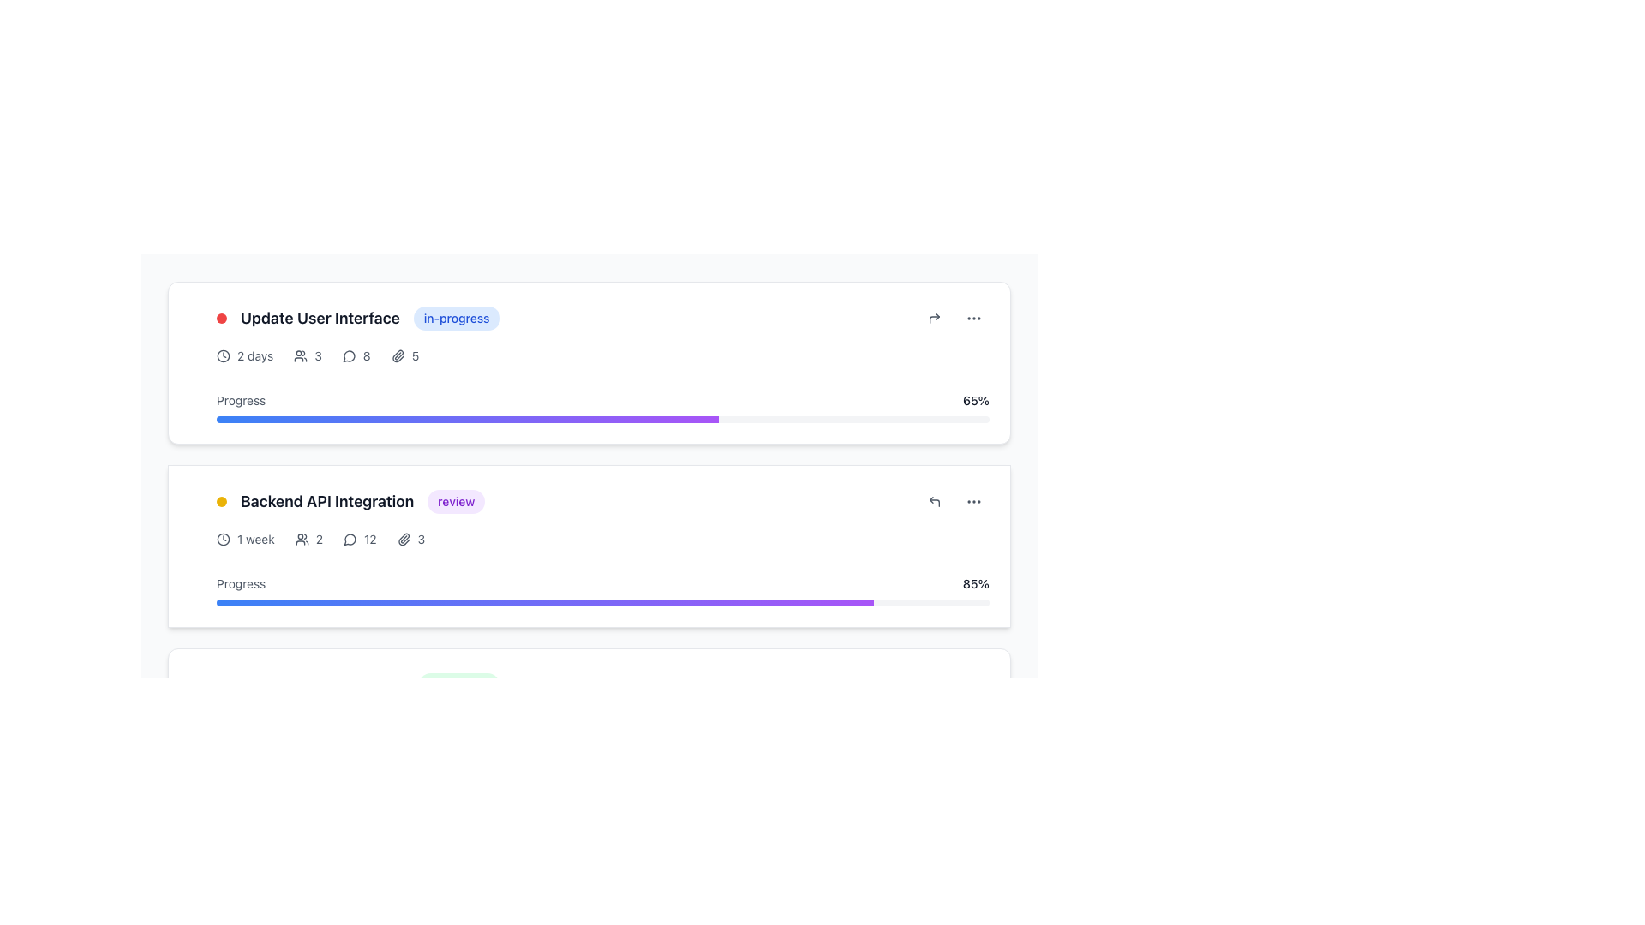  What do you see at coordinates (254, 538) in the screenshot?
I see `the text label that conveys the duration of the task, located in the lower task card next to the clock symbol under 'Backend API Integration'` at bounding box center [254, 538].